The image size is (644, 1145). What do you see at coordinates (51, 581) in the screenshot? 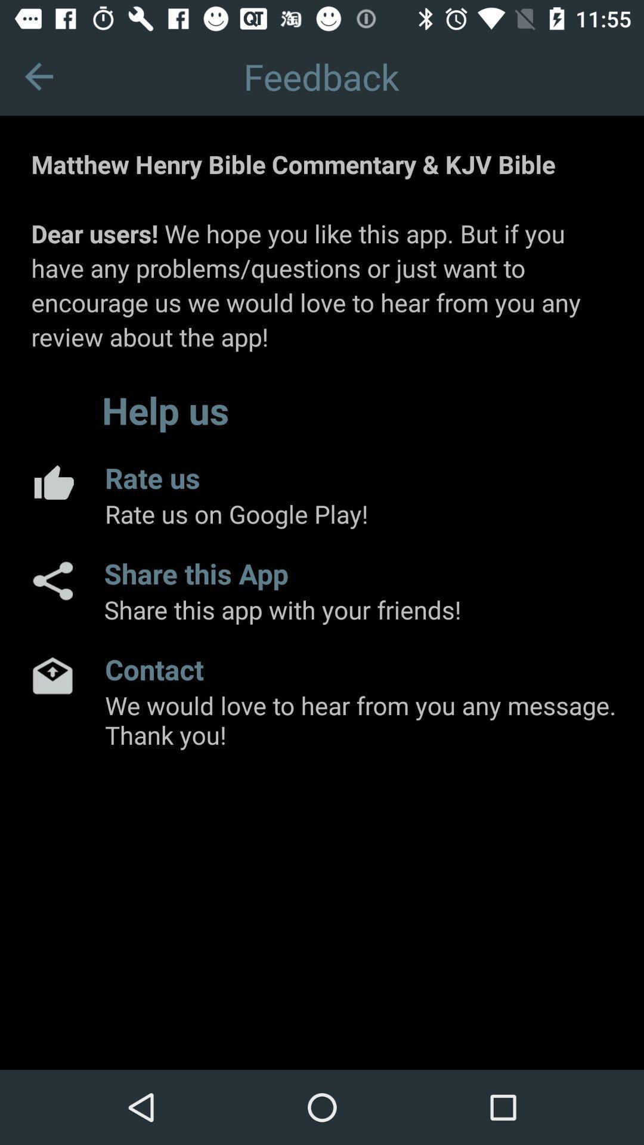
I see `the share icon` at bounding box center [51, 581].